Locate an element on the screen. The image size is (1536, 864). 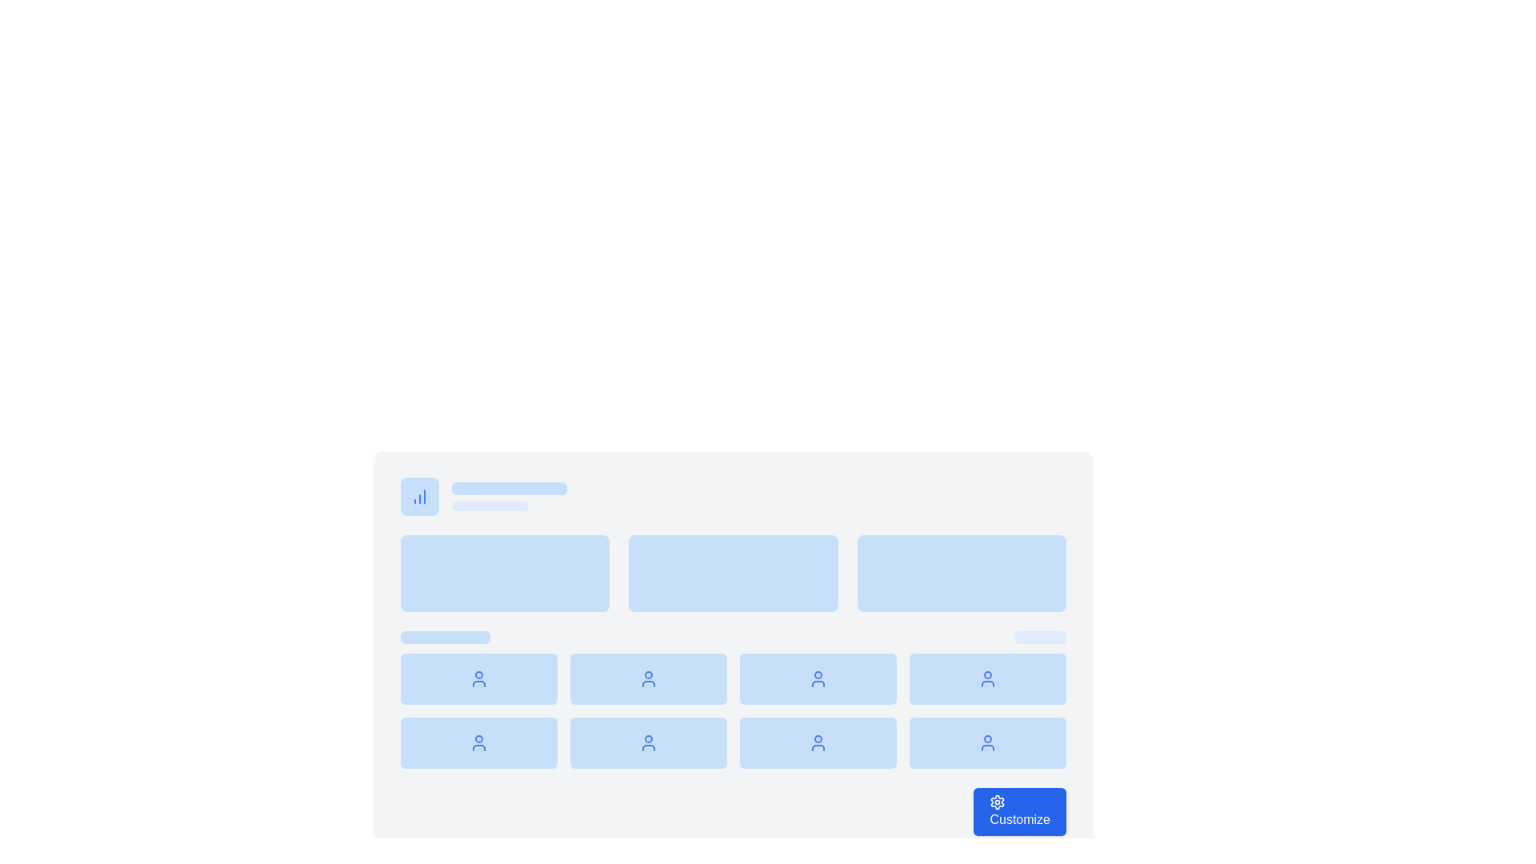
the middle rectangular component of the grid item, which is styled with a blue background and rounded corners, located in the center of a light grey background section is located at coordinates (732, 573).